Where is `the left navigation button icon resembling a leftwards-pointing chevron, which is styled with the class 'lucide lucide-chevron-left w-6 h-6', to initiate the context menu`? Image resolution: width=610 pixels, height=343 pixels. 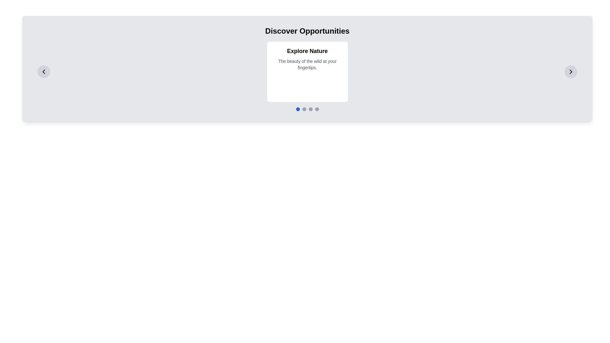
the left navigation button icon resembling a leftwards-pointing chevron, which is styled with the class 'lucide lucide-chevron-left w-6 h-6', to initiate the context menu is located at coordinates (44, 71).